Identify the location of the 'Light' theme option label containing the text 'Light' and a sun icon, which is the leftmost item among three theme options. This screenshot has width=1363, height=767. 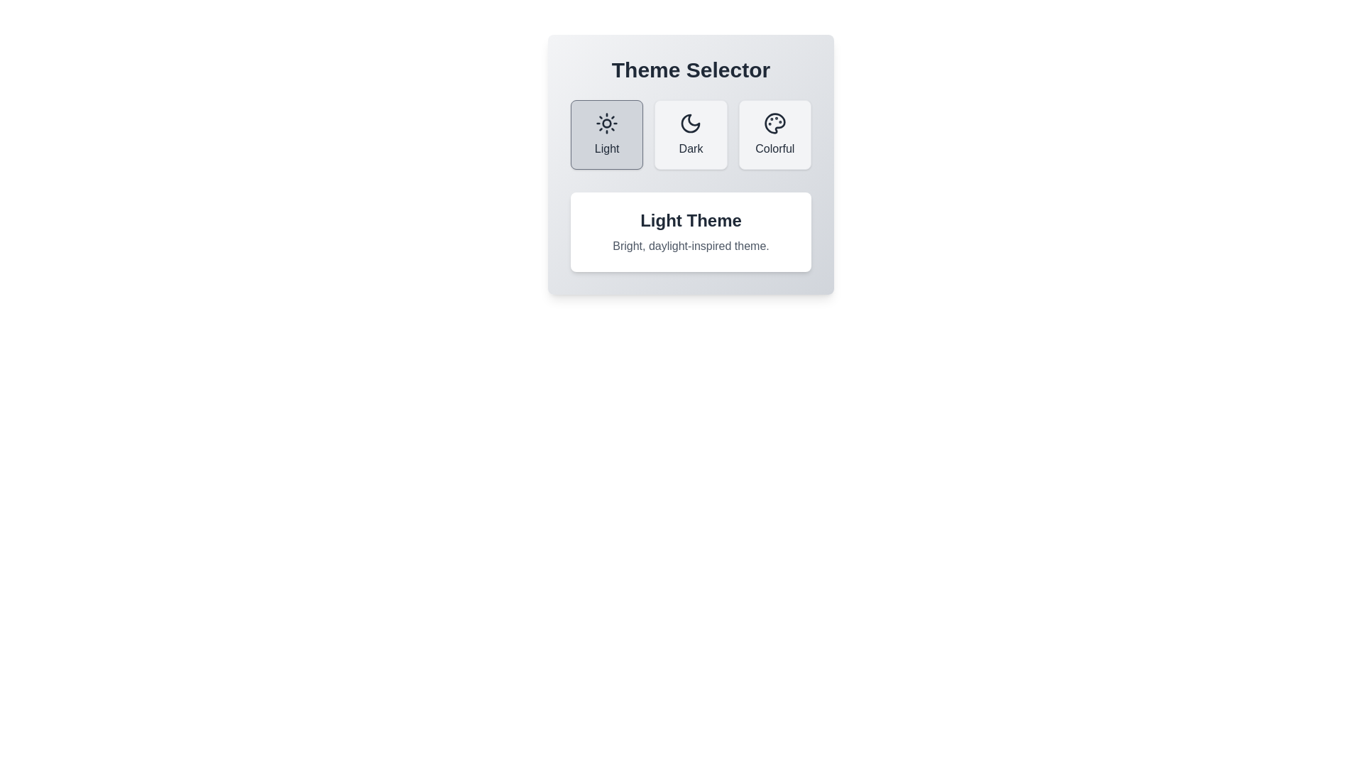
(607, 148).